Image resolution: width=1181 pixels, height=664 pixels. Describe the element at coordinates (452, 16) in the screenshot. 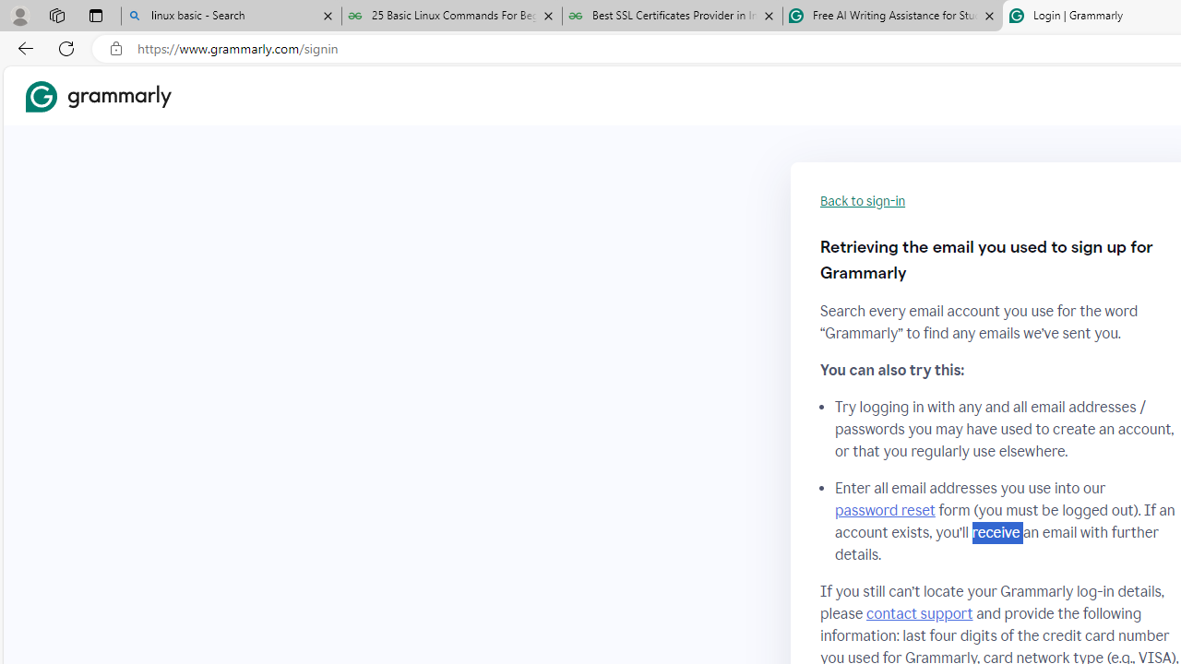

I see `'25 Basic Linux Commands For Beginners - GeeksforGeeks'` at that location.